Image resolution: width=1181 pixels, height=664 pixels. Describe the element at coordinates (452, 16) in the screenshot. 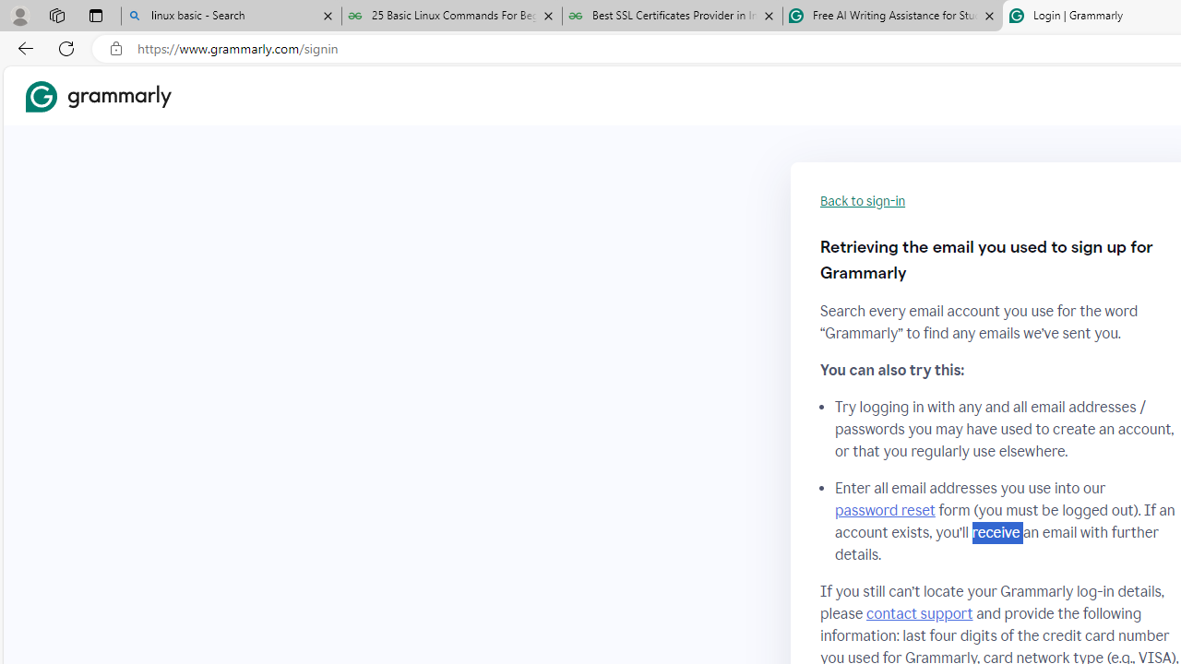

I see `'25 Basic Linux Commands For Beginners - GeeksforGeeks'` at that location.